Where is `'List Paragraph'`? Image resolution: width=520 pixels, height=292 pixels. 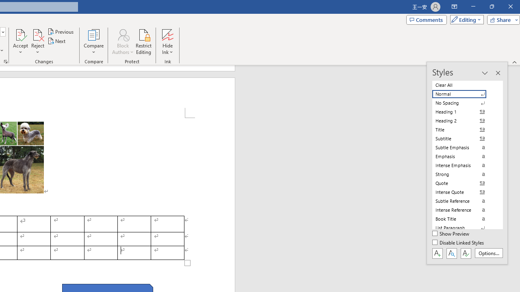 'List Paragraph' is located at coordinates (464, 228).